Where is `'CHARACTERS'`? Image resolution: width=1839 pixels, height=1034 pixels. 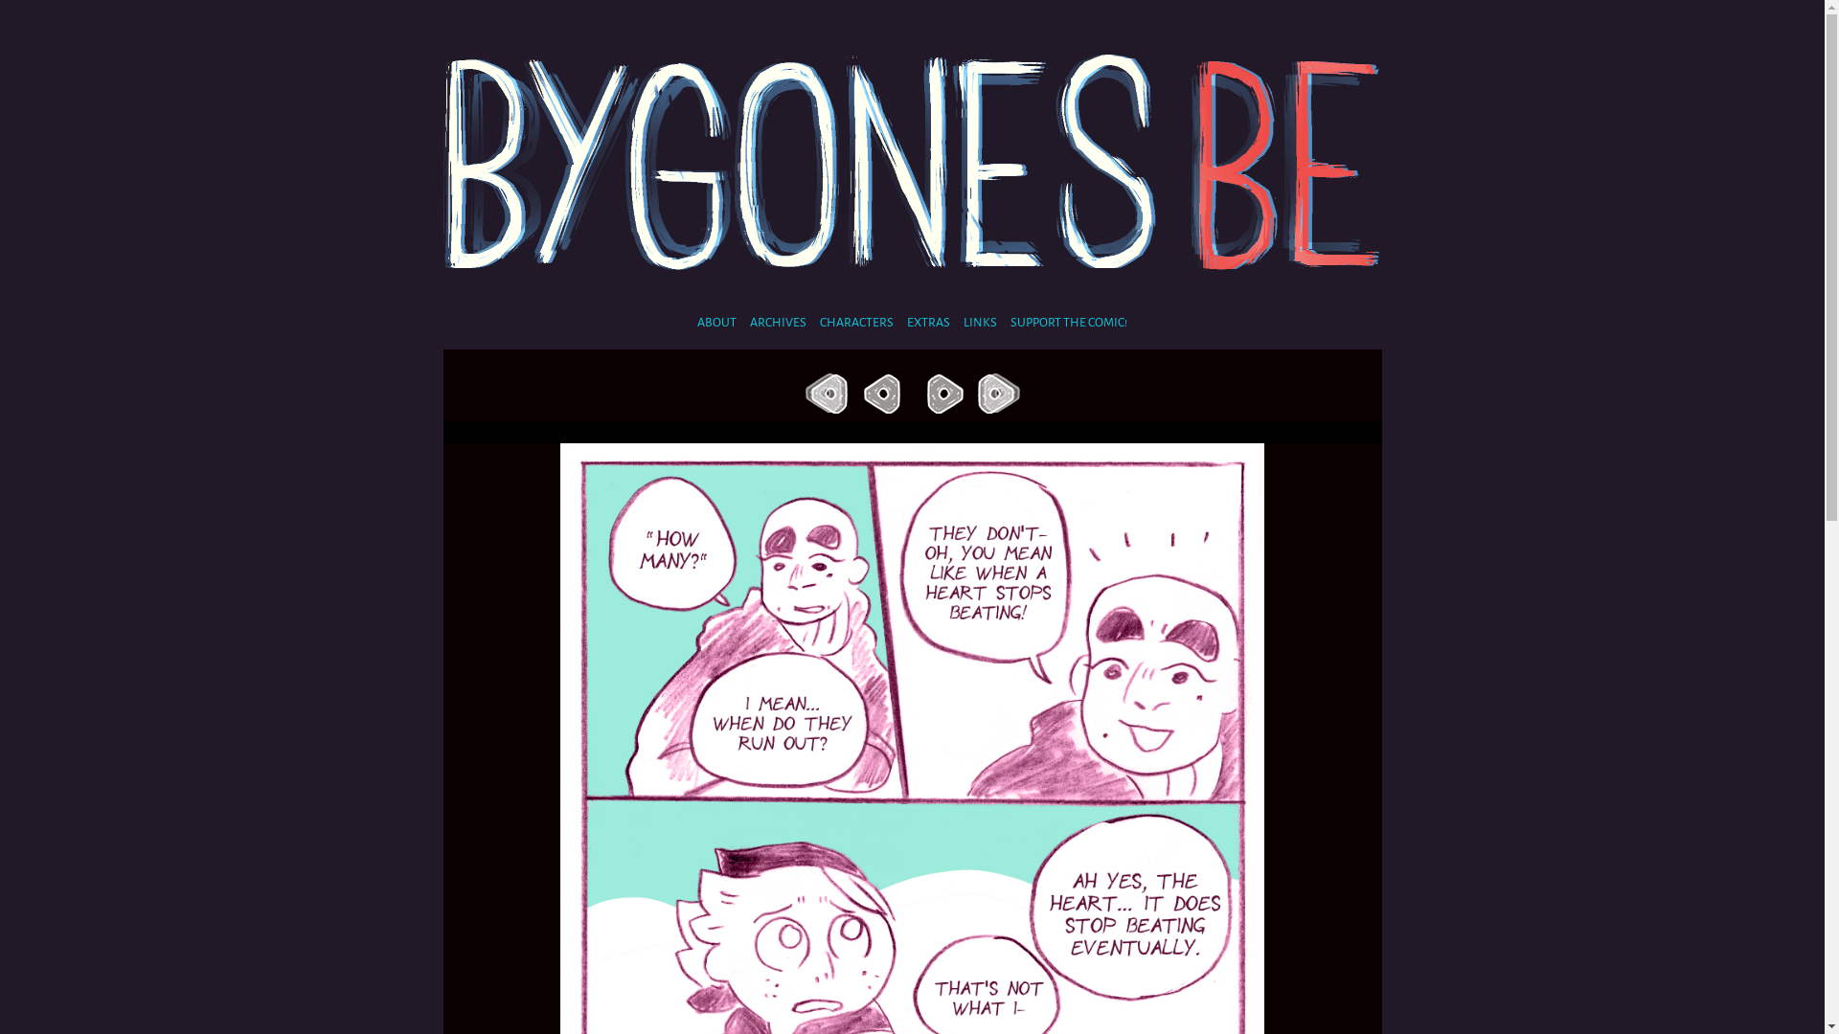
'CHARACTERS' is located at coordinates (855, 322).